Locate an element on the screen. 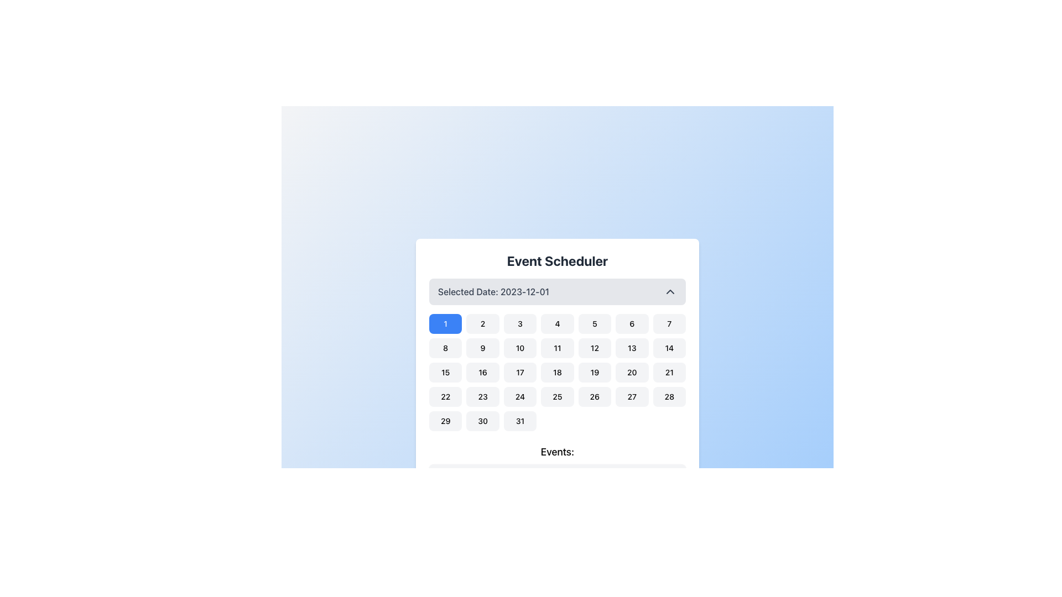  the date selection button in the Event Scheduler section, which is the fifth item in the first row of the calendar grid is located at coordinates (594, 323).